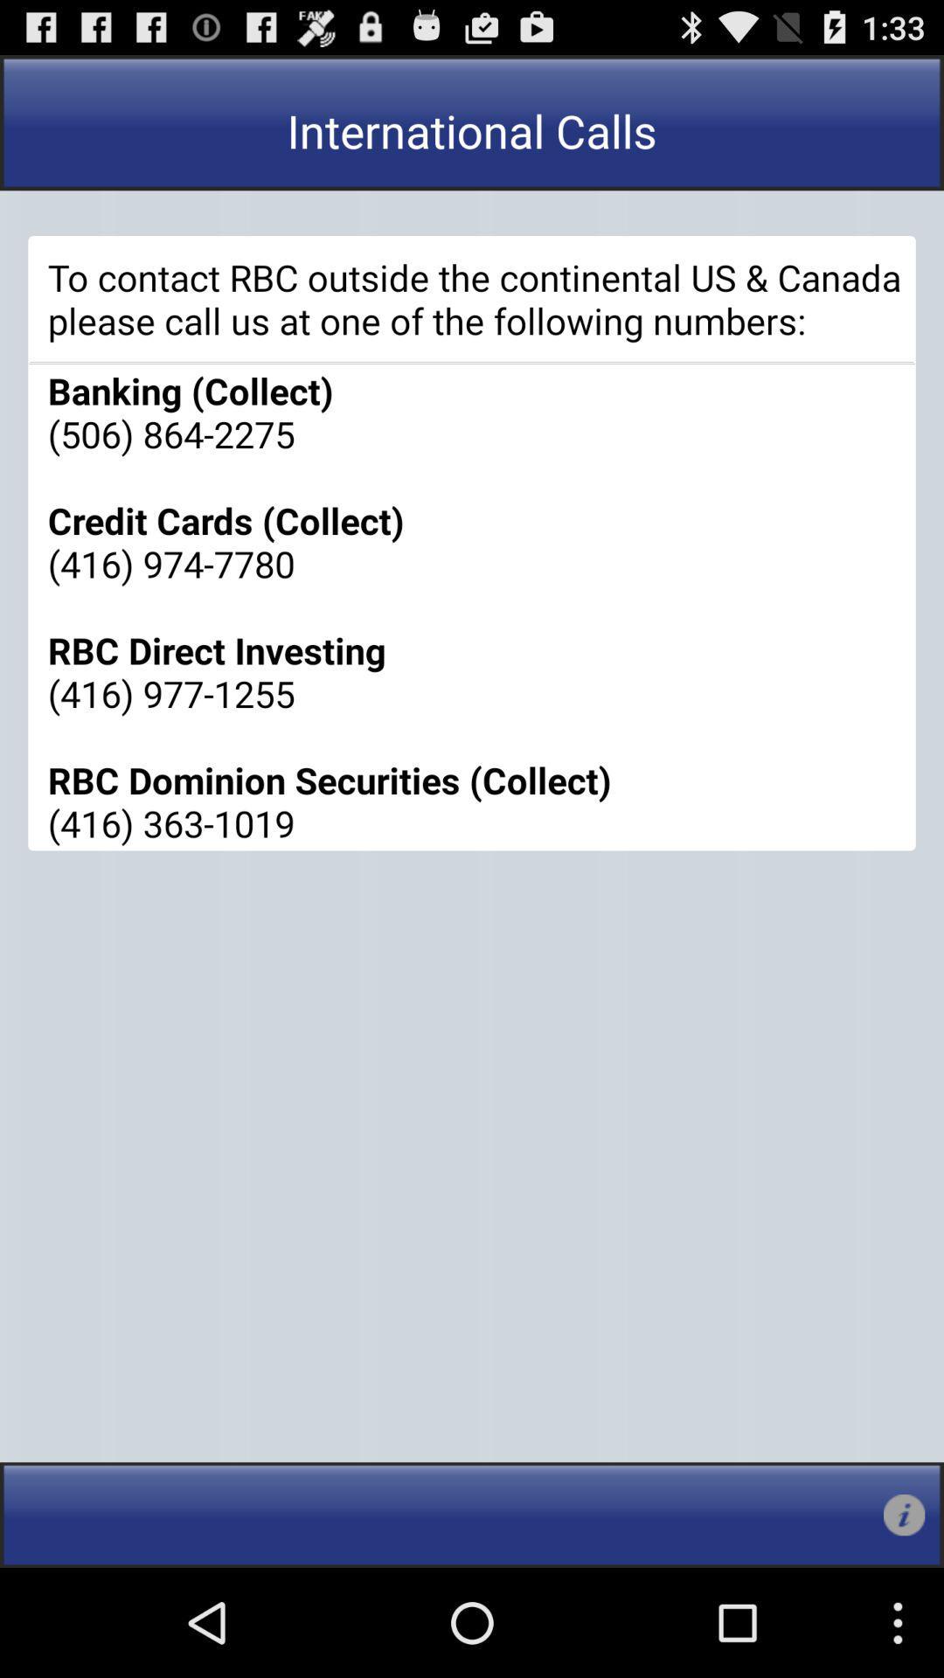 This screenshot has height=1678, width=944. Describe the element at coordinates (904, 1514) in the screenshot. I see `the item below the banking collect 506 item` at that location.